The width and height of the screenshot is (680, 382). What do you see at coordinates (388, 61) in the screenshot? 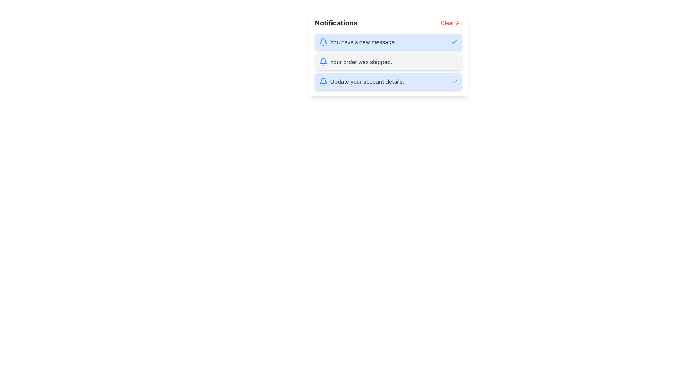
I see `the second notification in the notification card to see its details` at bounding box center [388, 61].